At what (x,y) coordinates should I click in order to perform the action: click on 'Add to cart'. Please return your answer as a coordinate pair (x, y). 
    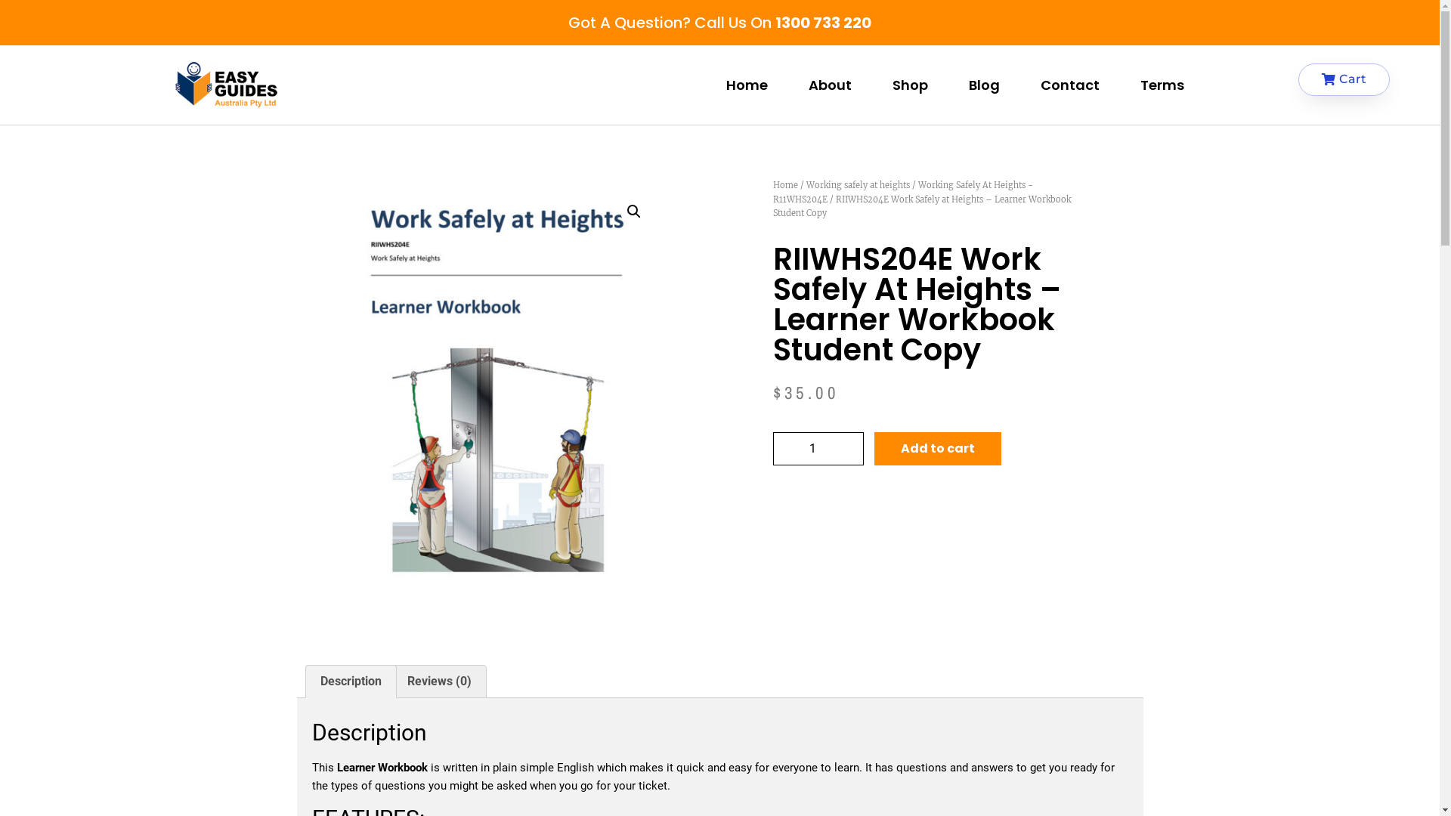
    Looking at the image, I should click on (936, 448).